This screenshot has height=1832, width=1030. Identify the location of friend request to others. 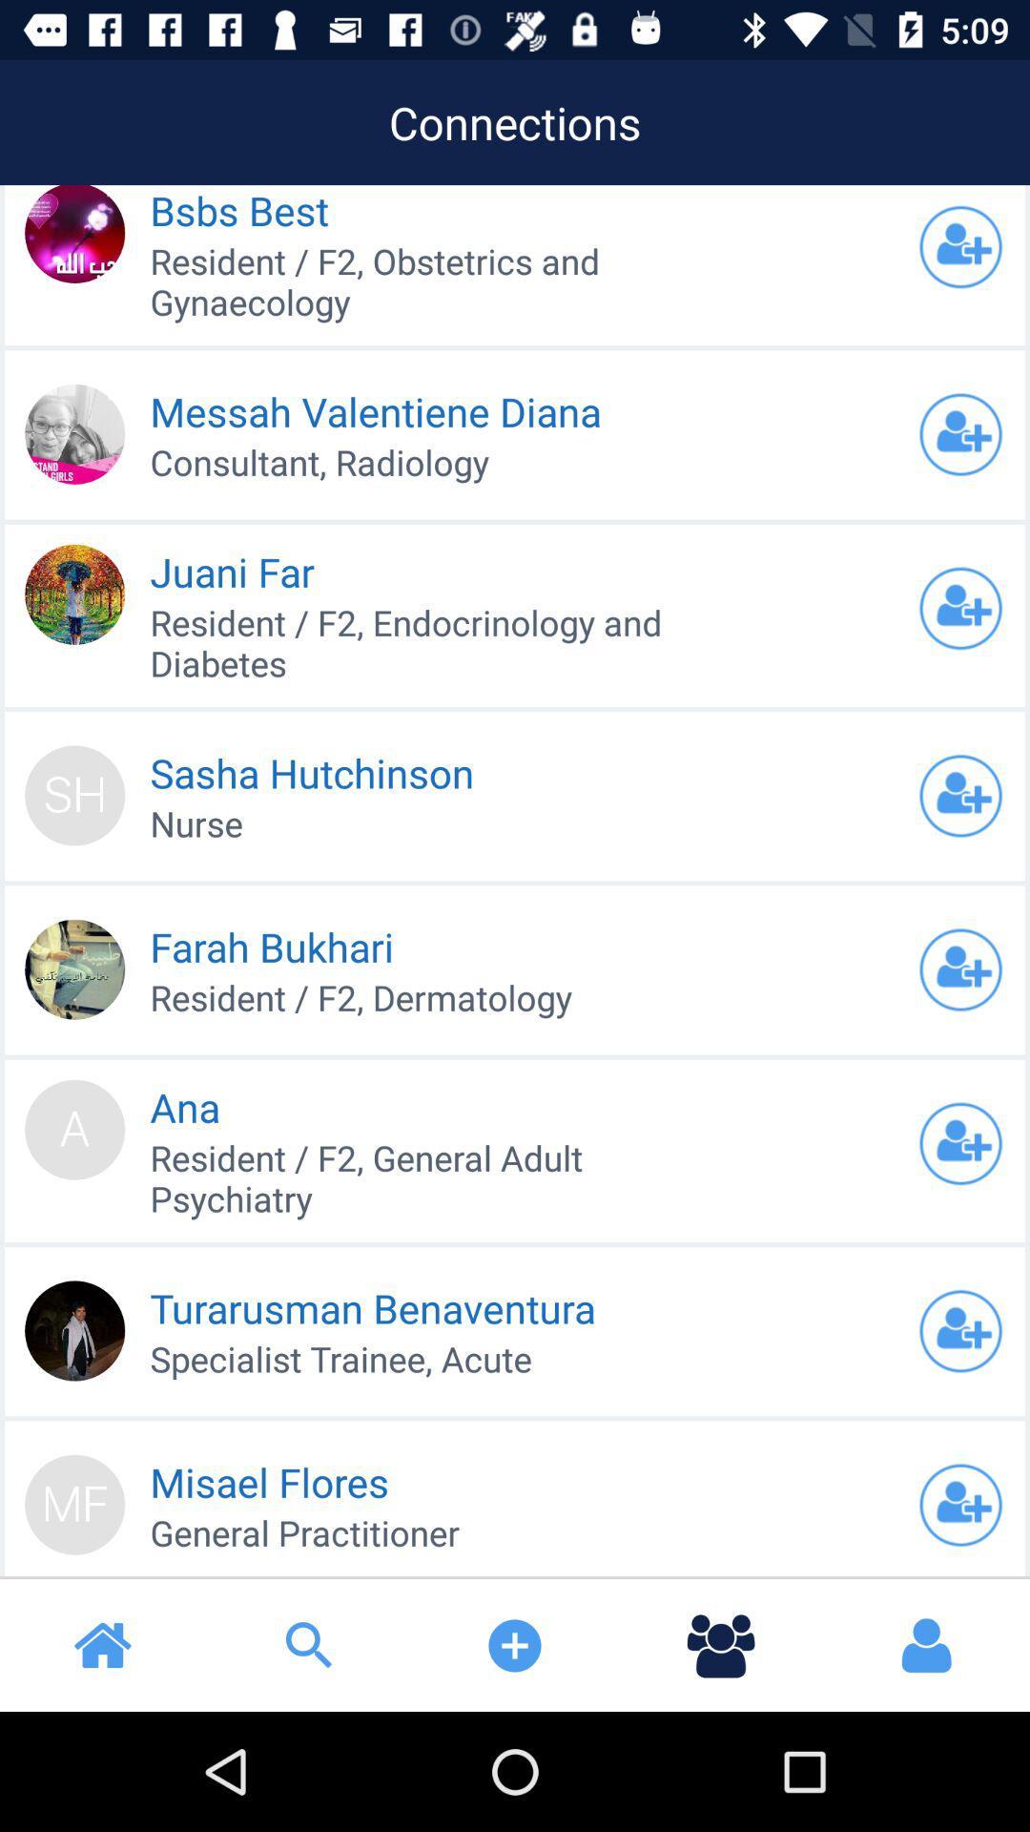
(960, 1504).